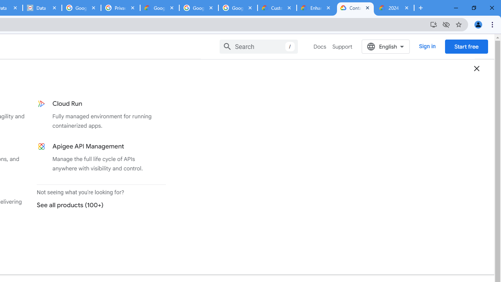 Image resolution: width=501 pixels, height=282 pixels. I want to click on 'Enhanced Support | Google Cloud', so click(316, 8).